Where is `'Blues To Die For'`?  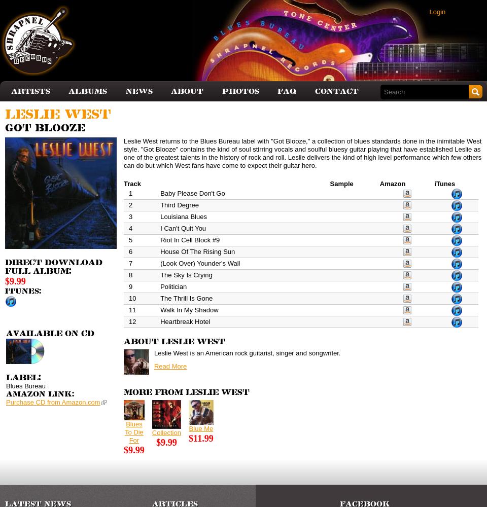
'Blues To Die For' is located at coordinates (133, 431).